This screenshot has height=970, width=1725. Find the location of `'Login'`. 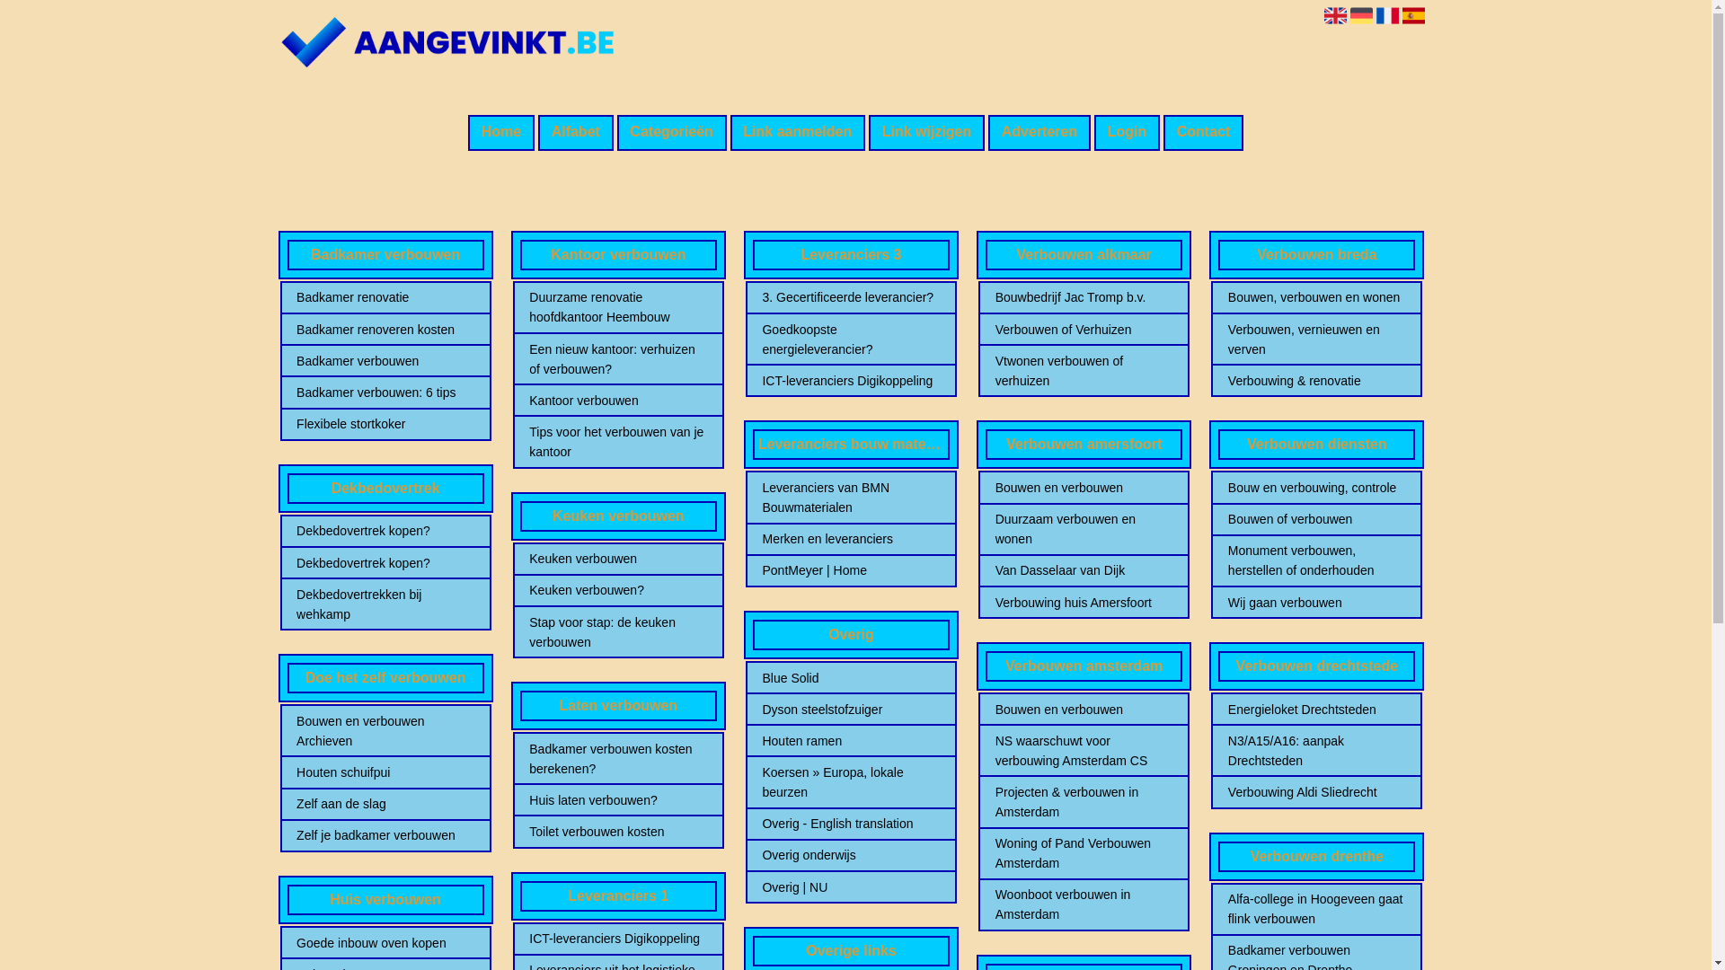

'Login' is located at coordinates (1126, 131).